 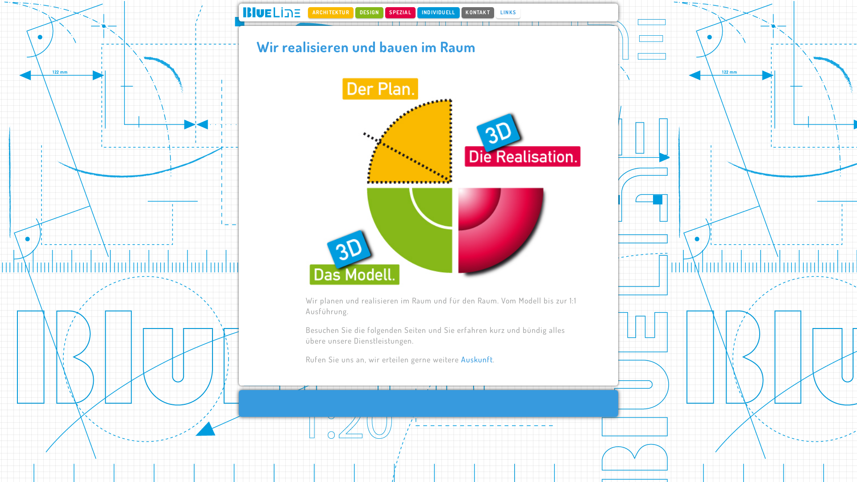 I want to click on 'DESIGN', so click(x=369, y=12).